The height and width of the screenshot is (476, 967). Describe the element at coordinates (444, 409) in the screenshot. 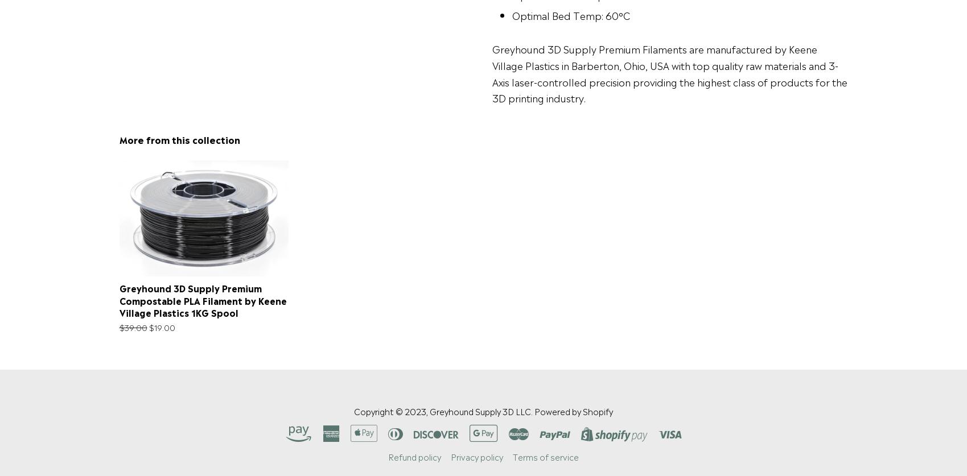

I see `'Copyright © 2023, Greyhound Supply 3D LLC.'` at that location.